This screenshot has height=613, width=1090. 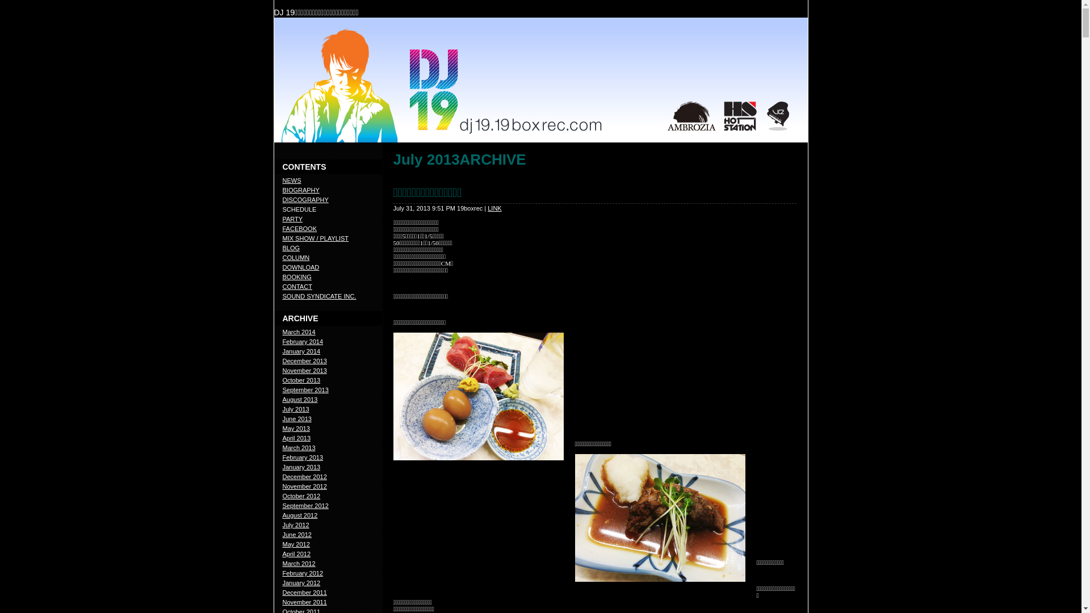 I want to click on 'July 2013', so click(x=296, y=409).